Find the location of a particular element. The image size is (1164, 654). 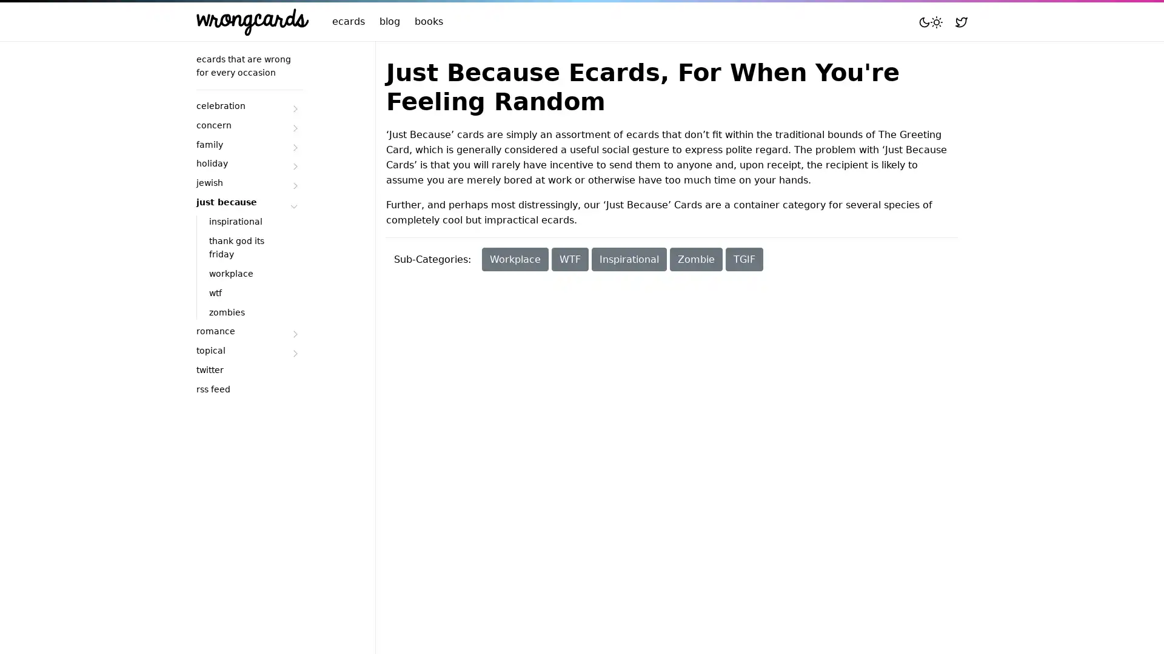

Toggle mode is located at coordinates (930, 21).